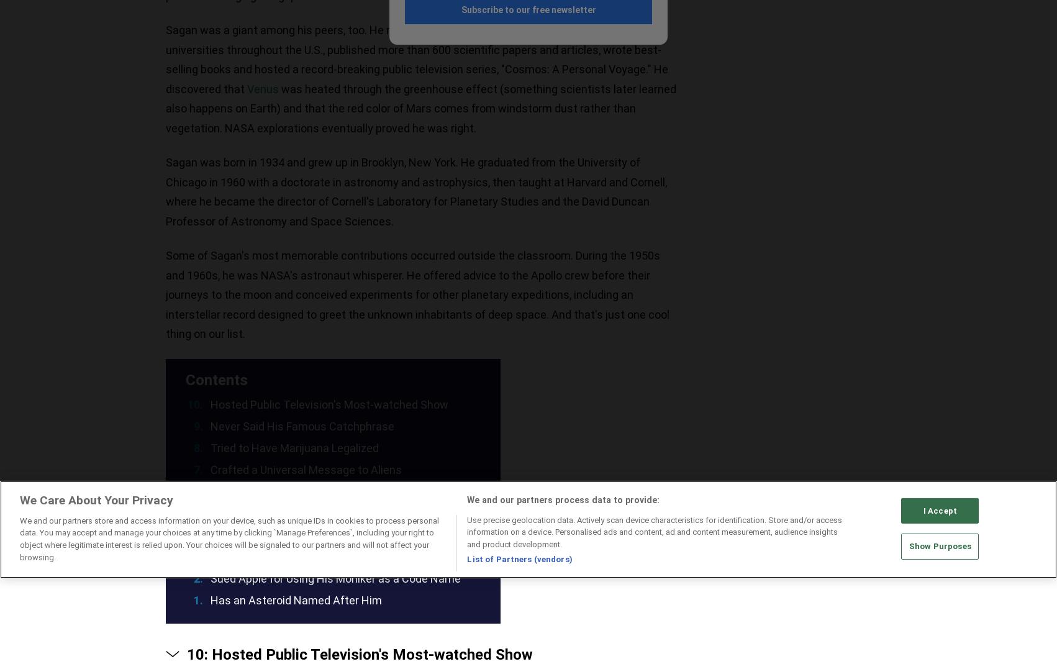 The height and width of the screenshot is (664, 1057). What do you see at coordinates (165, 108) in the screenshot?
I see `'was heated through the greenhouse effect (something scientists later learned also happens on Earth) and that the red color of Mars comes from windstorm dust rather than vegetation. NASA explorations eventually proved he was right.'` at bounding box center [165, 108].